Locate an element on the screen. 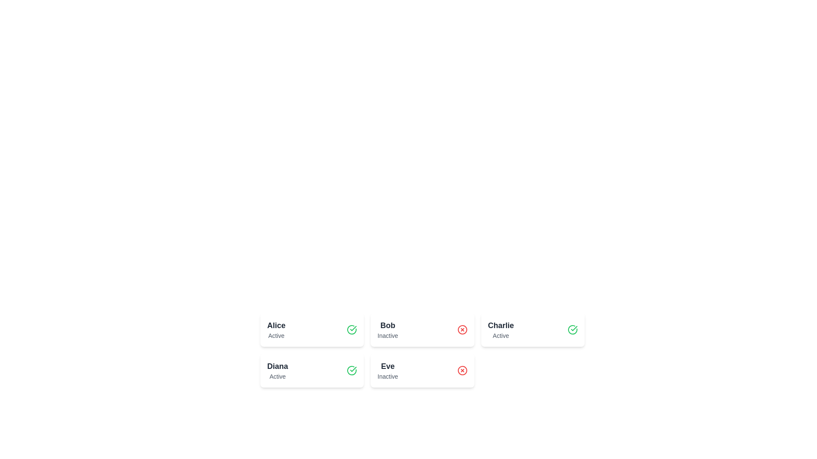  the text label displaying the name 'Diana' in bold, dark text, which is located on a white card-like background near the middle-bottom of the card is located at coordinates (277, 370).